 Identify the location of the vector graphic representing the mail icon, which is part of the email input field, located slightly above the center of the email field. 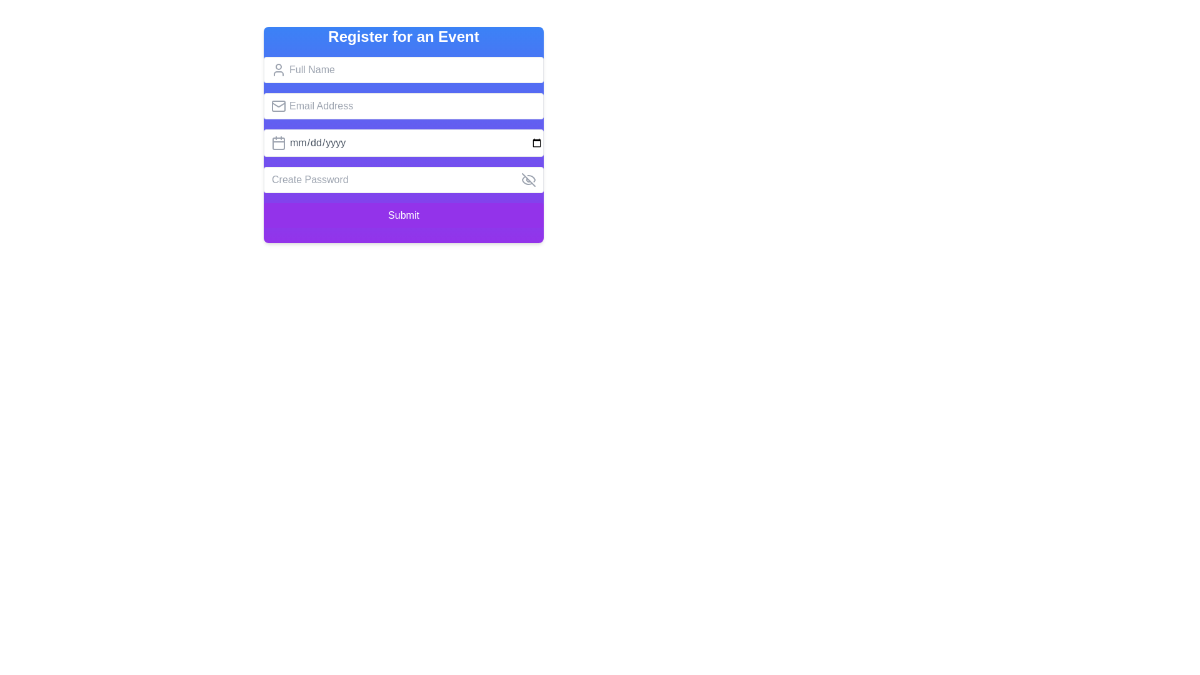
(278, 103).